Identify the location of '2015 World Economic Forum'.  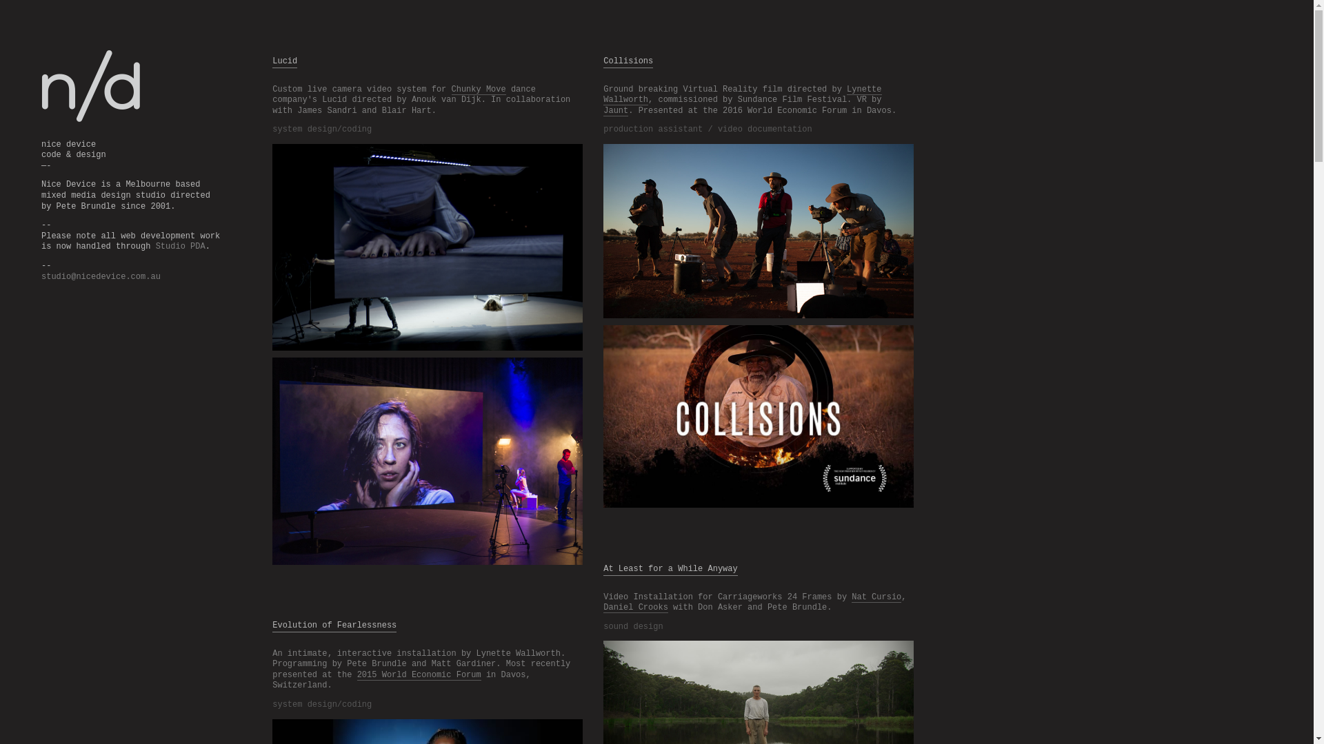
(419, 674).